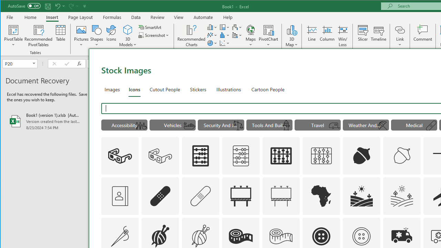 This screenshot has height=248, width=441. Describe the element at coordinates (269, 125) in the screenshot. I see `'"Tools And Building" Icons.'` at that location.